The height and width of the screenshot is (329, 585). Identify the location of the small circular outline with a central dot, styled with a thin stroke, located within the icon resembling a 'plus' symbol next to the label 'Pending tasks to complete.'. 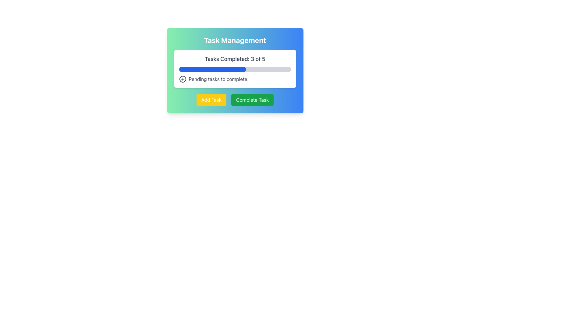
(182, 79).